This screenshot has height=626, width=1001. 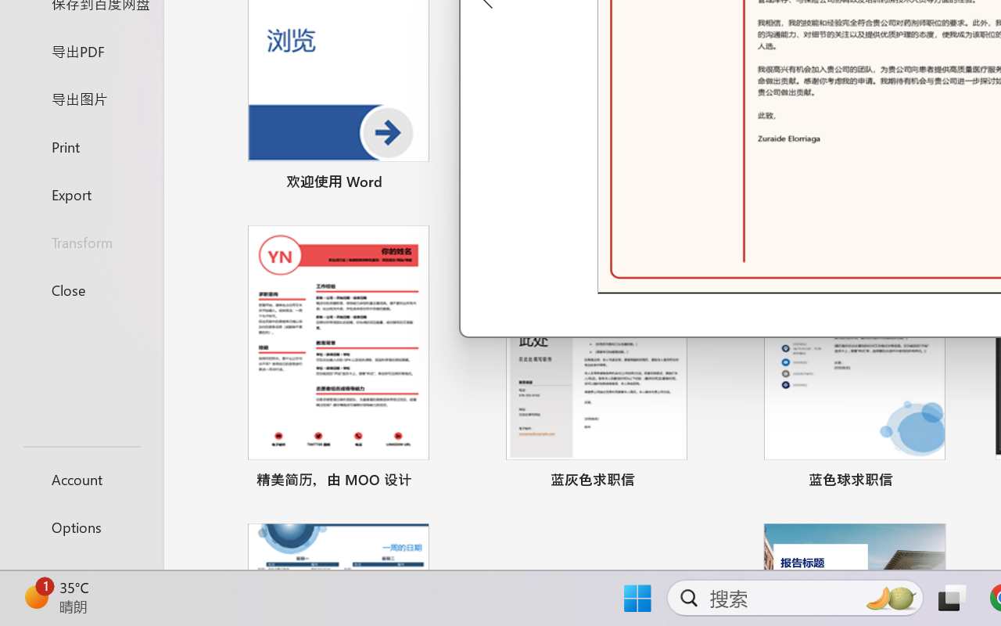 I want to click on 'Pin to list', so click(x=956, y=482).